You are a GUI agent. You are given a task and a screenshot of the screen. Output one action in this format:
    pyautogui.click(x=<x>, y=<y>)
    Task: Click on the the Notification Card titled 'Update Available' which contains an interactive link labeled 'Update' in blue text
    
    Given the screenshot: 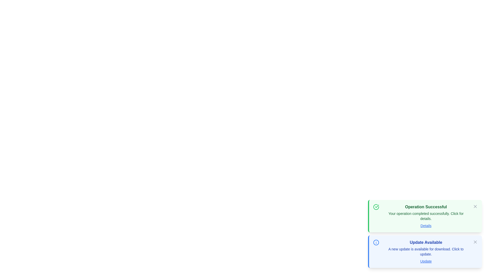 What is the action you would take?
    pyautogui.click(x=426, y=251)
    